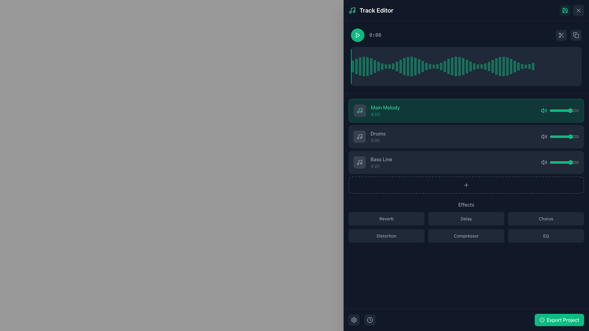 Image resolution: width=589 pixels, height=331 pixels. Describe the element at coordinates (578, 10) in the screenshot. I see `the close 'X' icon located at the top-right corner of the application interface` at that location.